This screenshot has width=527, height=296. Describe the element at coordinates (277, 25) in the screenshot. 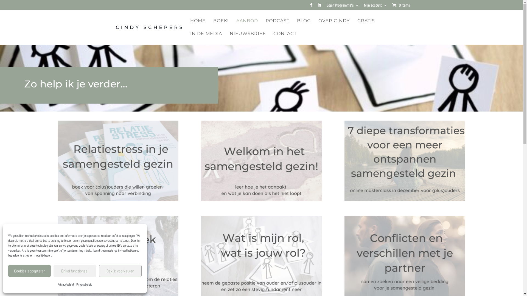

I see `'PODCAST'` at that location.